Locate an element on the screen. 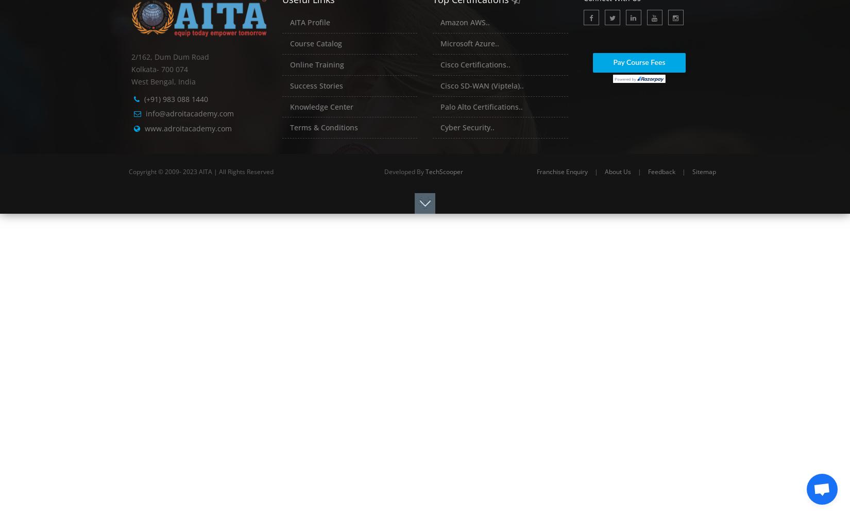 Image resolution: width=850 pixels, height=515 pixels. 'AITA Profile' is located at coordinates (309, 22).